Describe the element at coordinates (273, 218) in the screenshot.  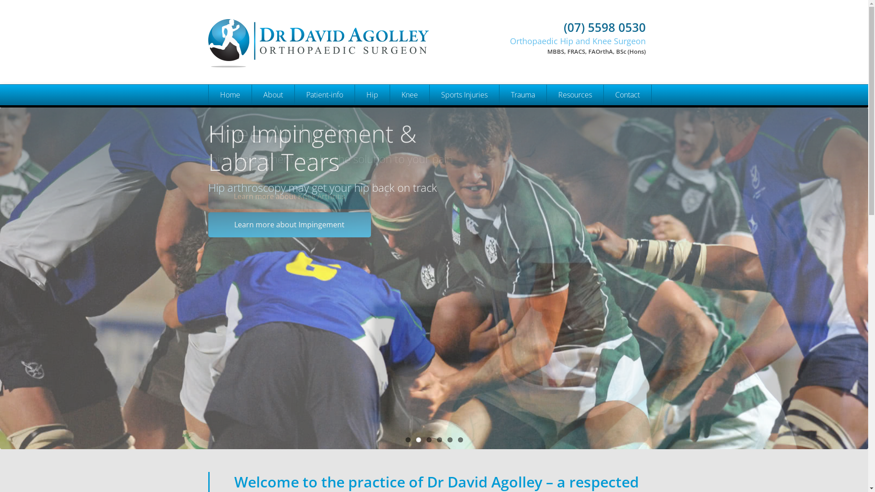
I see `'Health Professionals'` at that location.